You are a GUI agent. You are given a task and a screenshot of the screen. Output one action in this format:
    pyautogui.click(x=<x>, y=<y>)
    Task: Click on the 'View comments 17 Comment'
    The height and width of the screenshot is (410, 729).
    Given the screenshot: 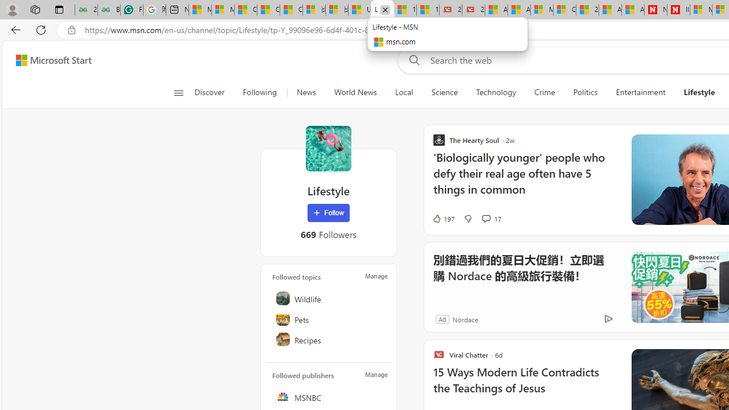 What is the action you would take?
    pyautogui.click(x=486, y=218)
    